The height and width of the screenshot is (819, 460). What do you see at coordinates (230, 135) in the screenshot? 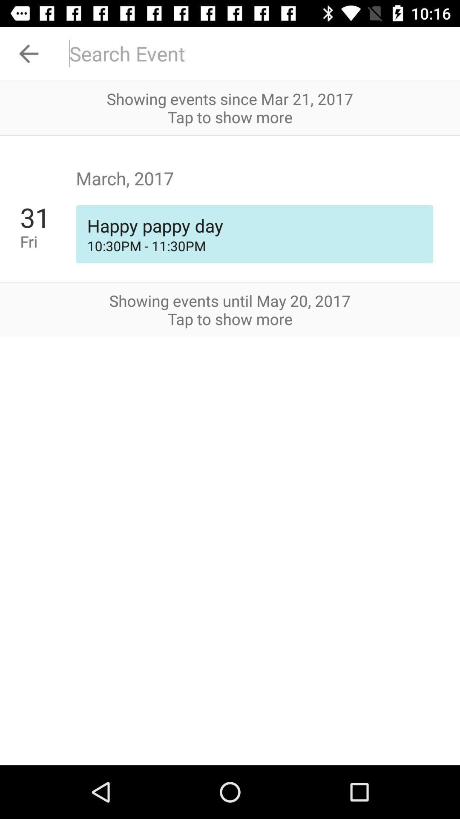
I see `icon below showing events since app` at bounding box center [230, 135].